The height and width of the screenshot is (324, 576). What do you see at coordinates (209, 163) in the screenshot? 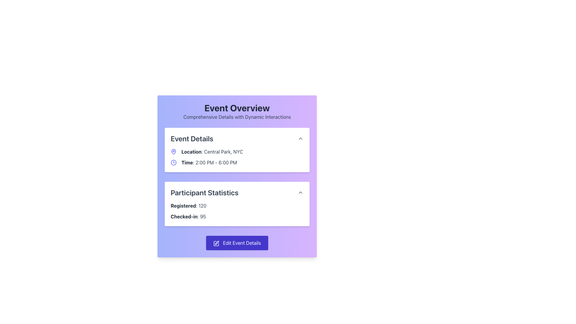
I see `the text display that shows 'Time: 2:00 PM - 6:00 PM' located in the 'Event Details' section, which is the second entry below 'Location: Central Park, NYC'` at bounding box center [209, 163].